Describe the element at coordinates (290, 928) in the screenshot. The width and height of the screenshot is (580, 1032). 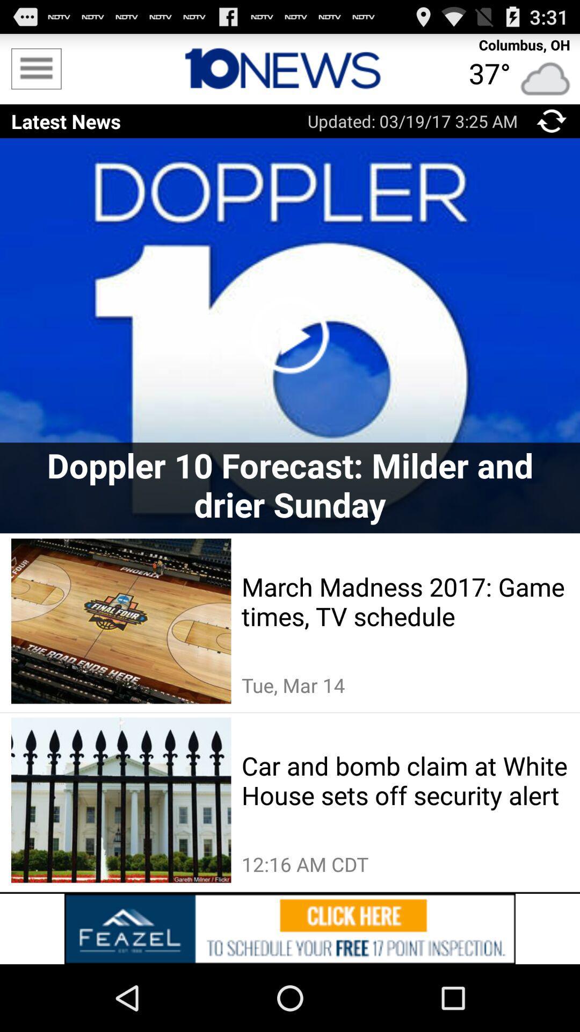
I see `open advert` at that location.